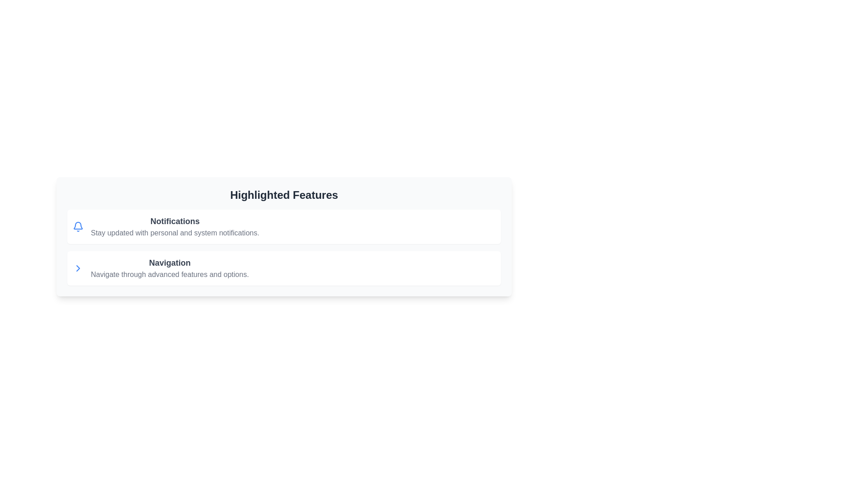  I want to click on the blue bell icon representing notifications, located to the left of the text 'NotificationsStay updated with personal and system notifications.', so click(78, 226).